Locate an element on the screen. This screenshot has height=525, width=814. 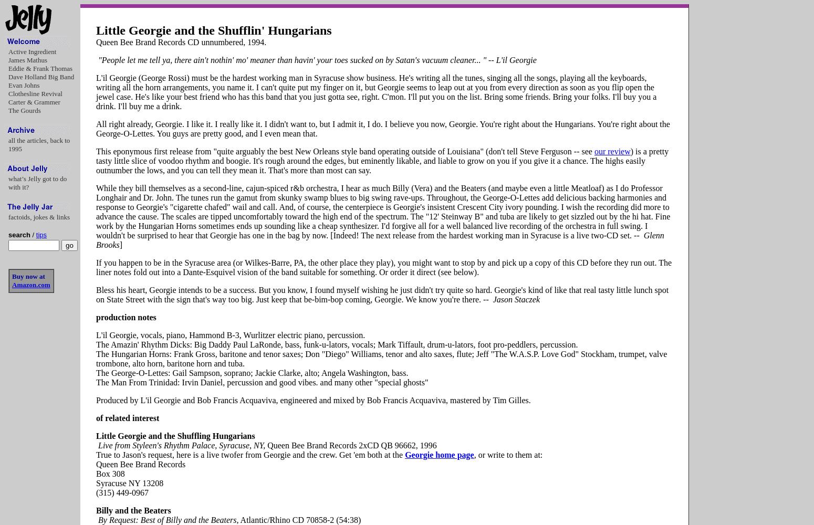
'Eddie & Frank Thomas' is located at coordinates (40, 68).